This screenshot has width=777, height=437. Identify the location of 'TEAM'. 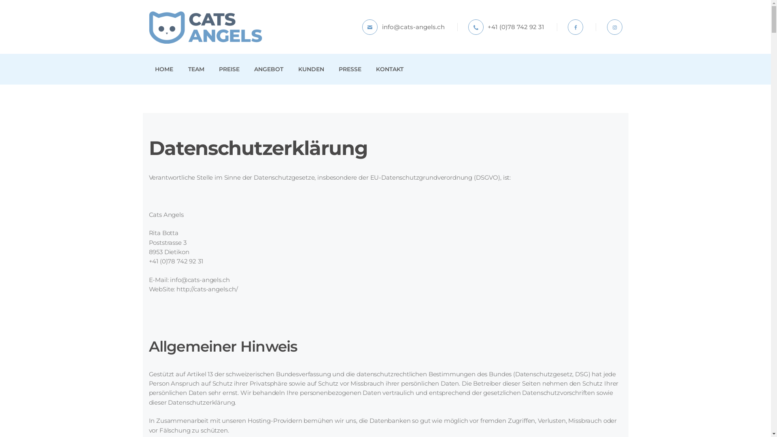
(196, 68).